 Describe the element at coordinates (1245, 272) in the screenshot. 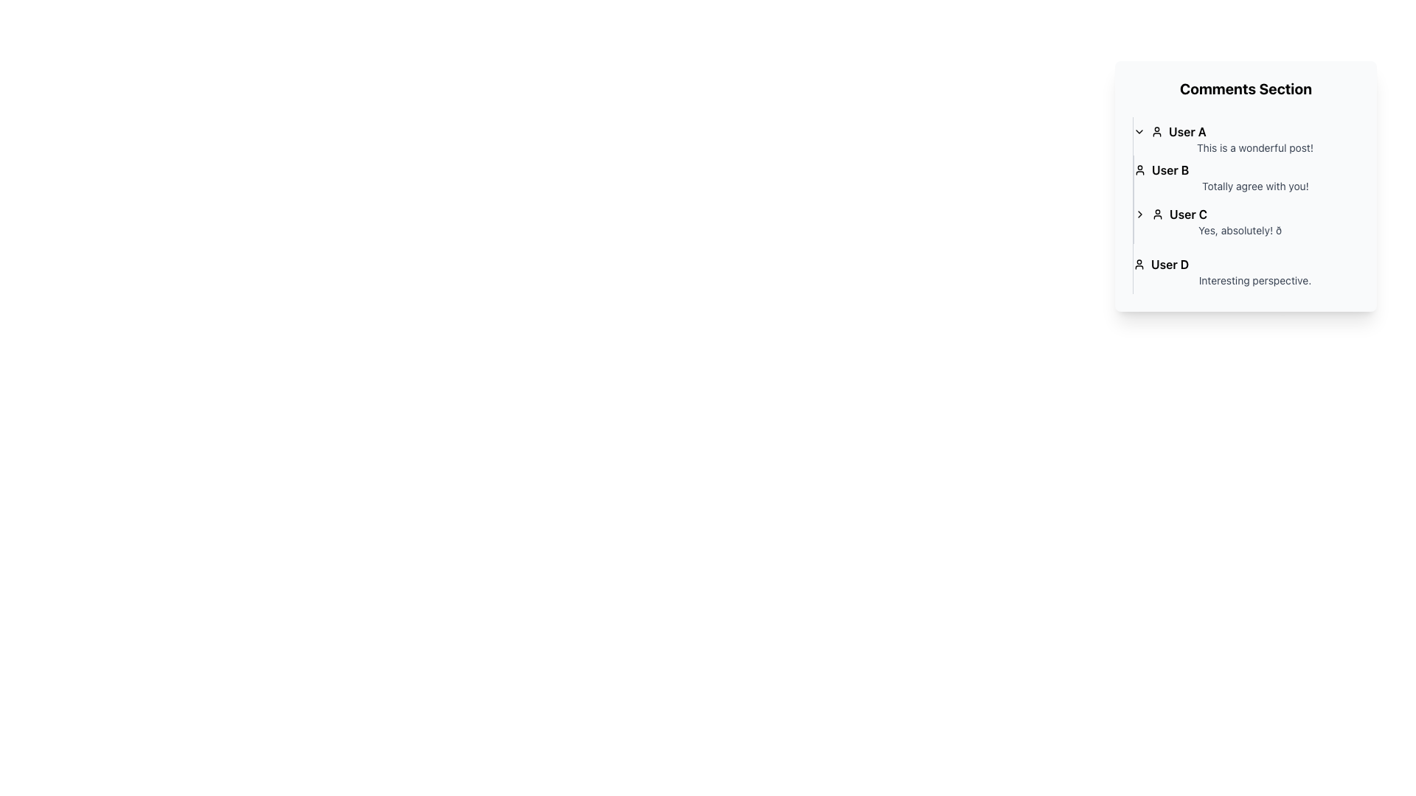

I see `username and comment from the fourth comment Text Display with an Icon in the discussion, located at the specified coordinates` at that location.